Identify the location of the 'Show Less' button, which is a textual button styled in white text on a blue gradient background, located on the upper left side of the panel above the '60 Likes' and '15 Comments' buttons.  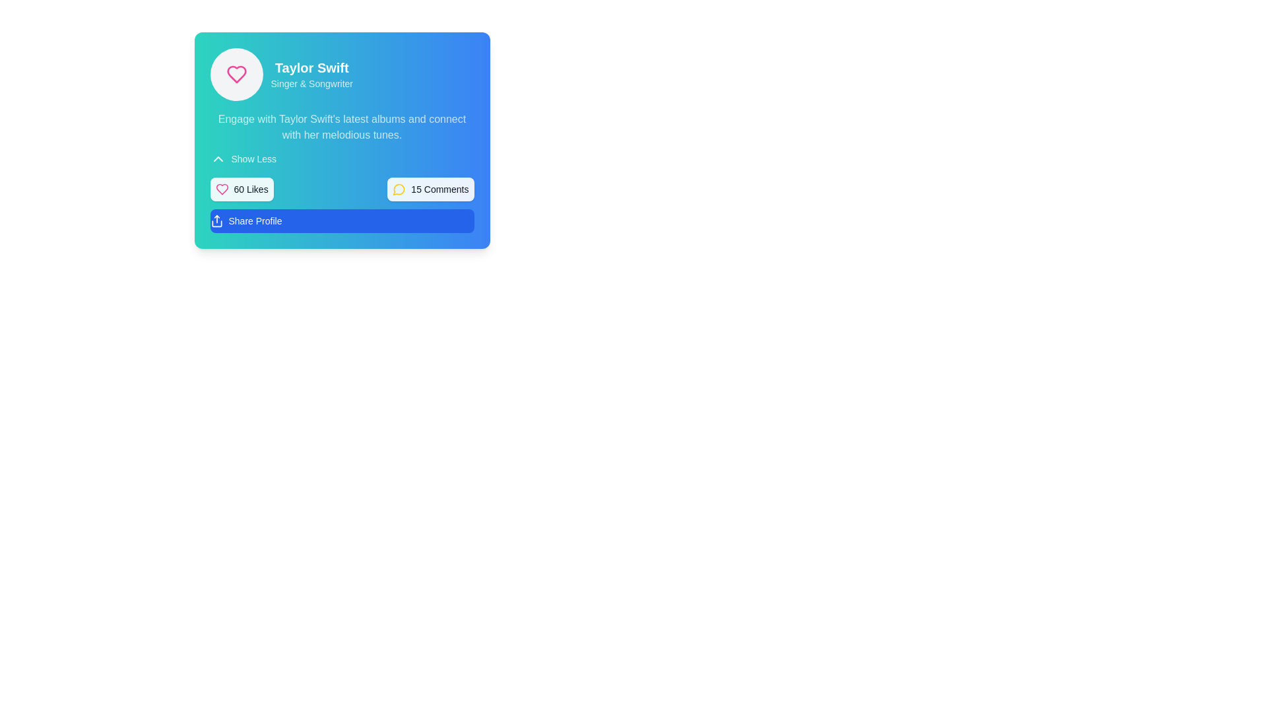
(253, 158).